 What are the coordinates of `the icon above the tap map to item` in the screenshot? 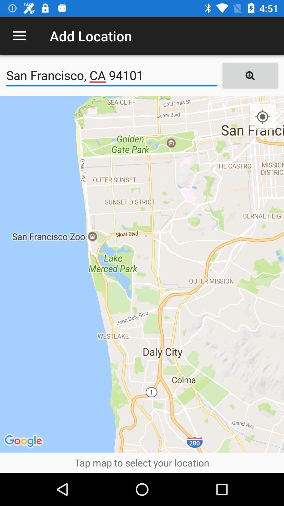 It's located at (142, 274).